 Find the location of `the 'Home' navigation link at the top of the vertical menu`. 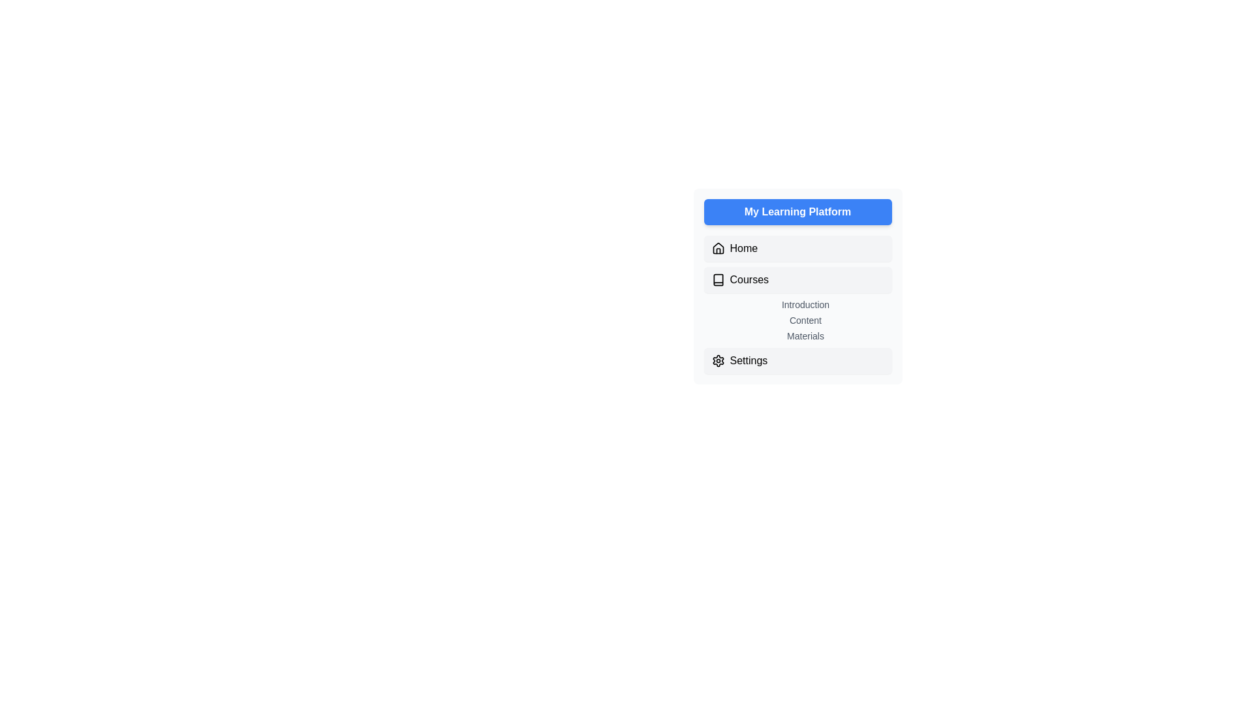

the 'Home' navigation link at the top of the vertical menu is located at coordinates (797, 249).